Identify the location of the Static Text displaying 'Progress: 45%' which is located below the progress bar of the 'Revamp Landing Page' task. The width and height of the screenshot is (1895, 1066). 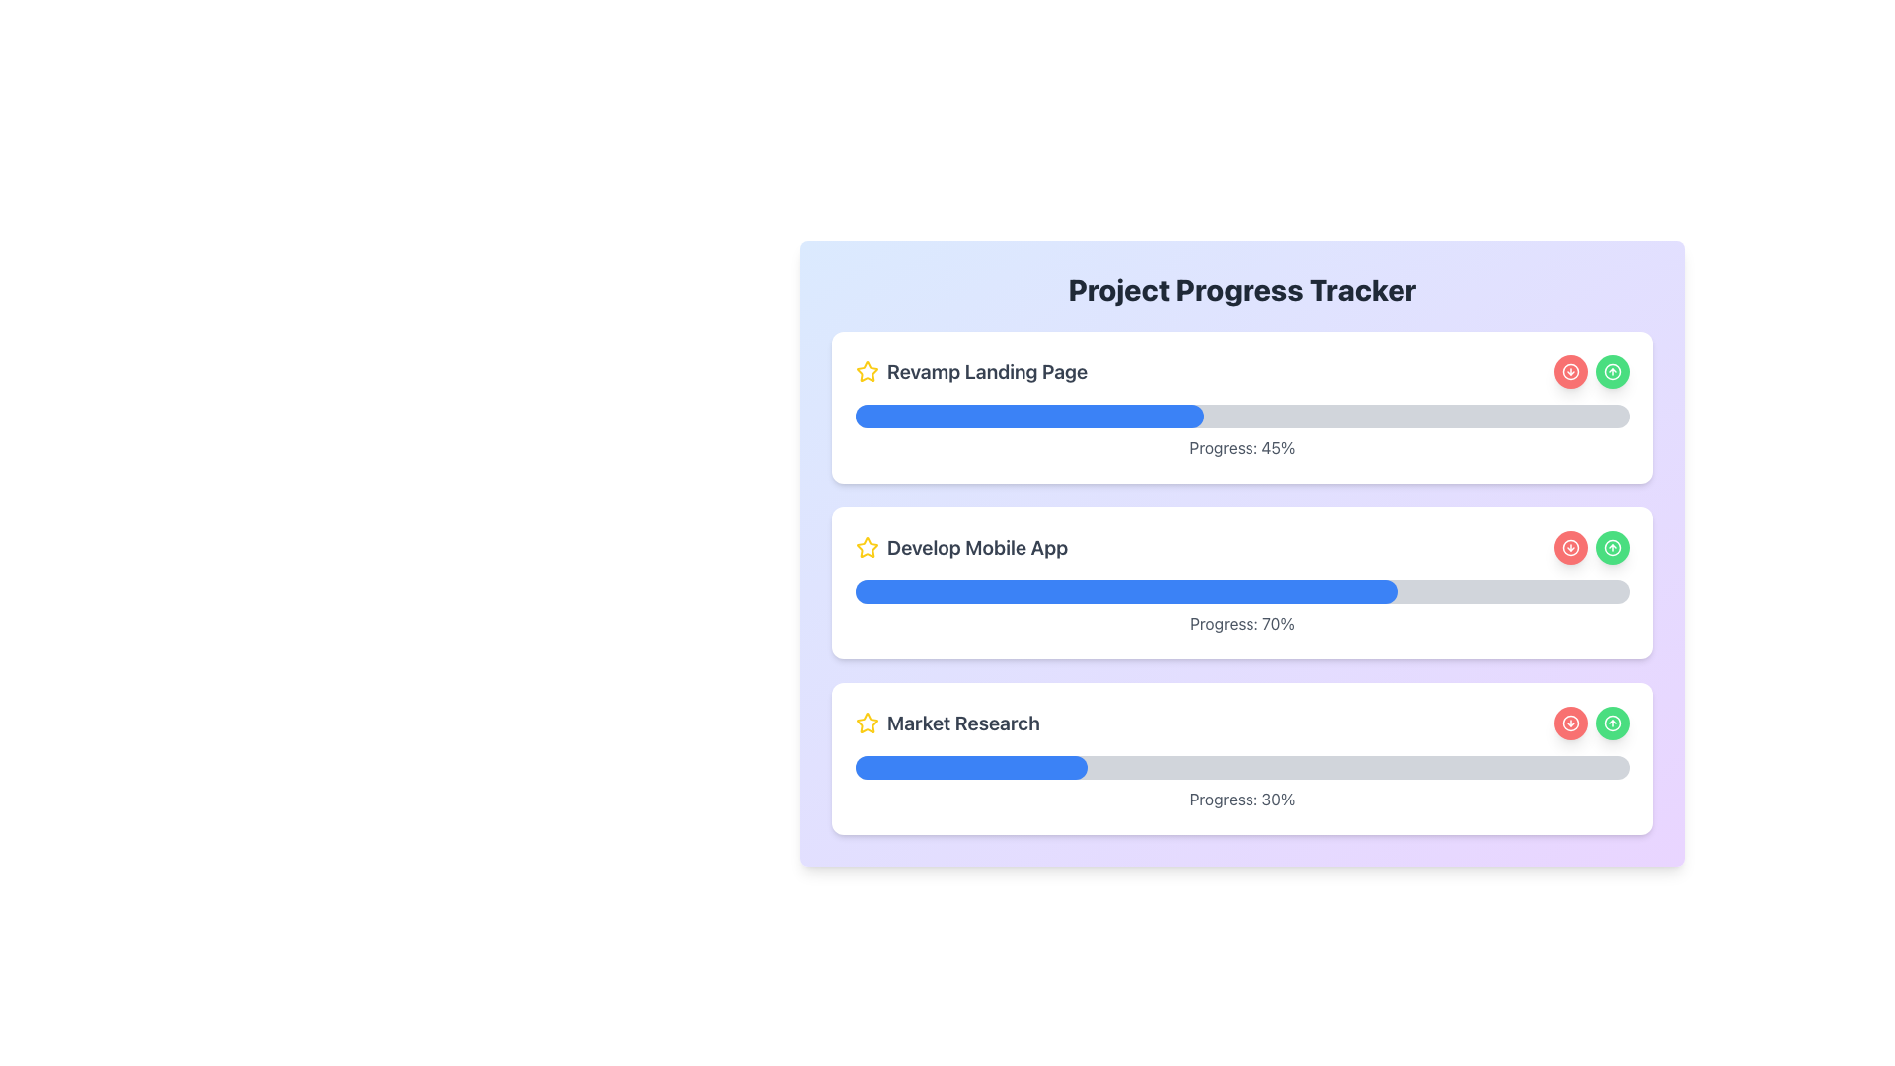
(1241, 448).